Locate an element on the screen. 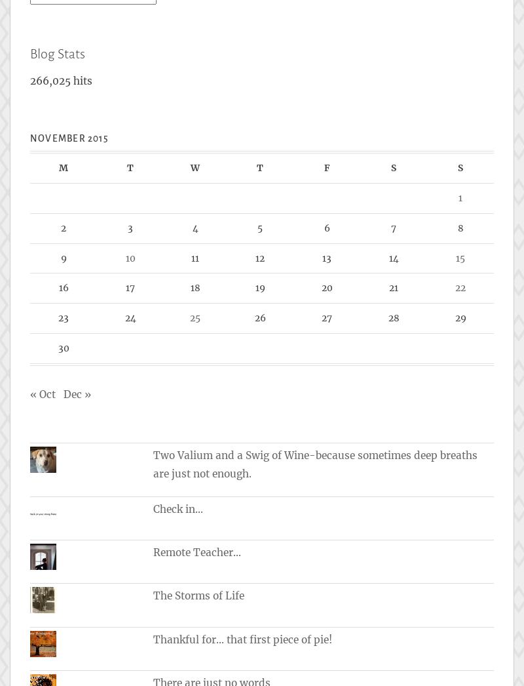 Image resolution: width=524 pixels, height=686 pixels. 'Blog Stats' is located at coordinates (58, 52).